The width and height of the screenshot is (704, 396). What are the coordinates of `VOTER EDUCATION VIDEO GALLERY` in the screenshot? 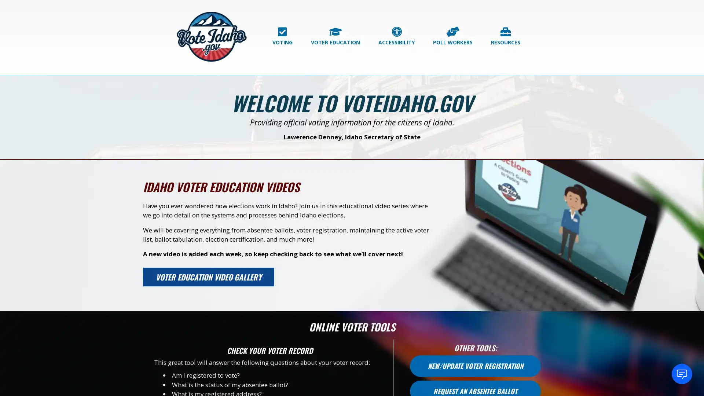 It's located at (208, 277).